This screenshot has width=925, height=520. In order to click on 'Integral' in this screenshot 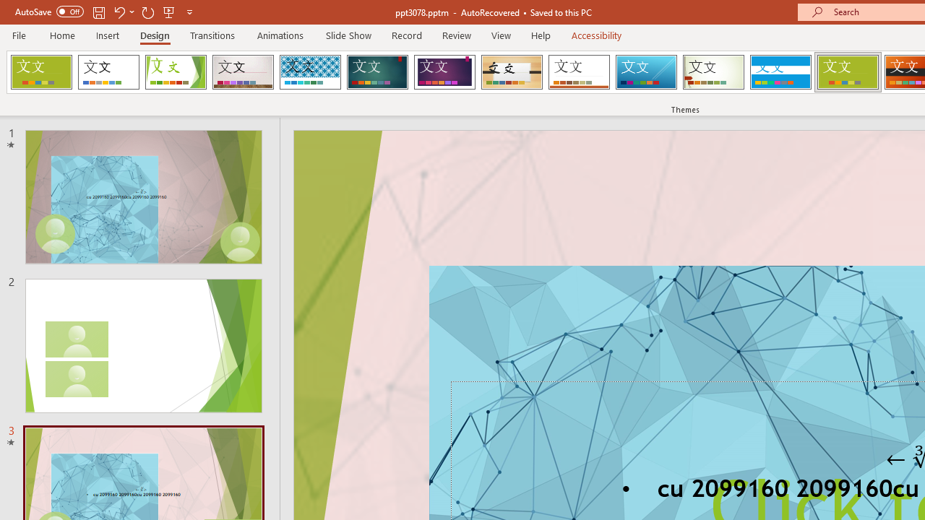, I will do `click(309, 72)`.